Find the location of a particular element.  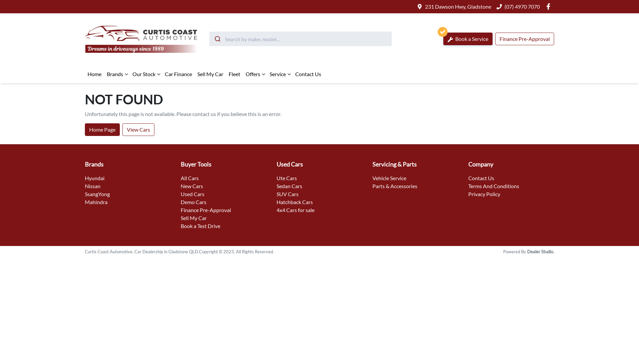

'Parts & Accessories' is located at coordinates (395, 186).